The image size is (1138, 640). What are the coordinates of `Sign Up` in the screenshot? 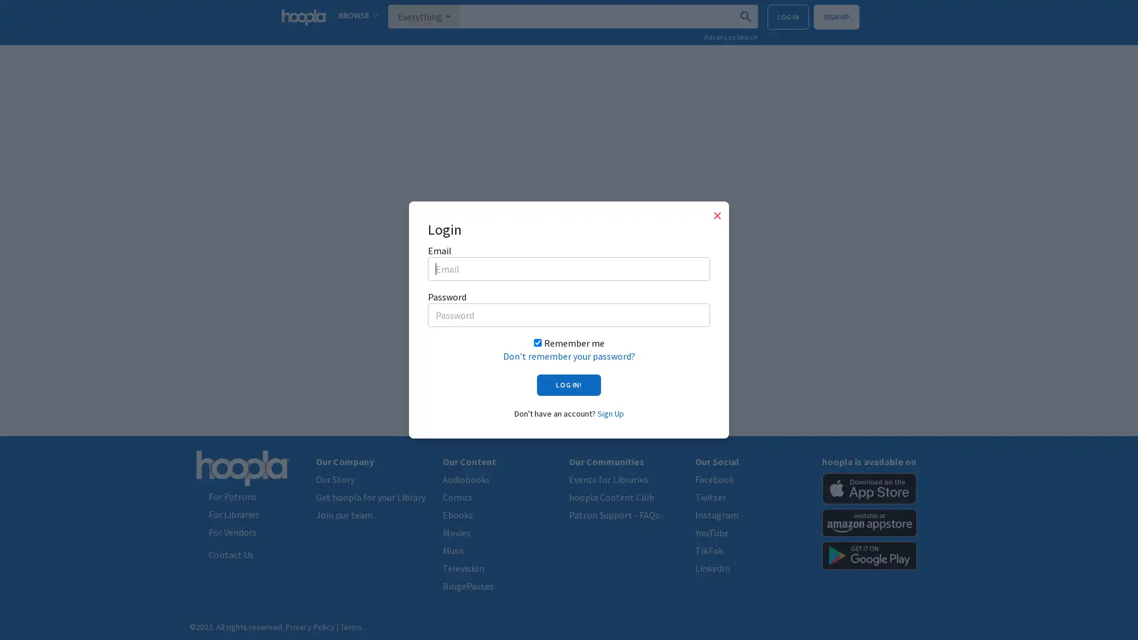 It's located at (610, 413).